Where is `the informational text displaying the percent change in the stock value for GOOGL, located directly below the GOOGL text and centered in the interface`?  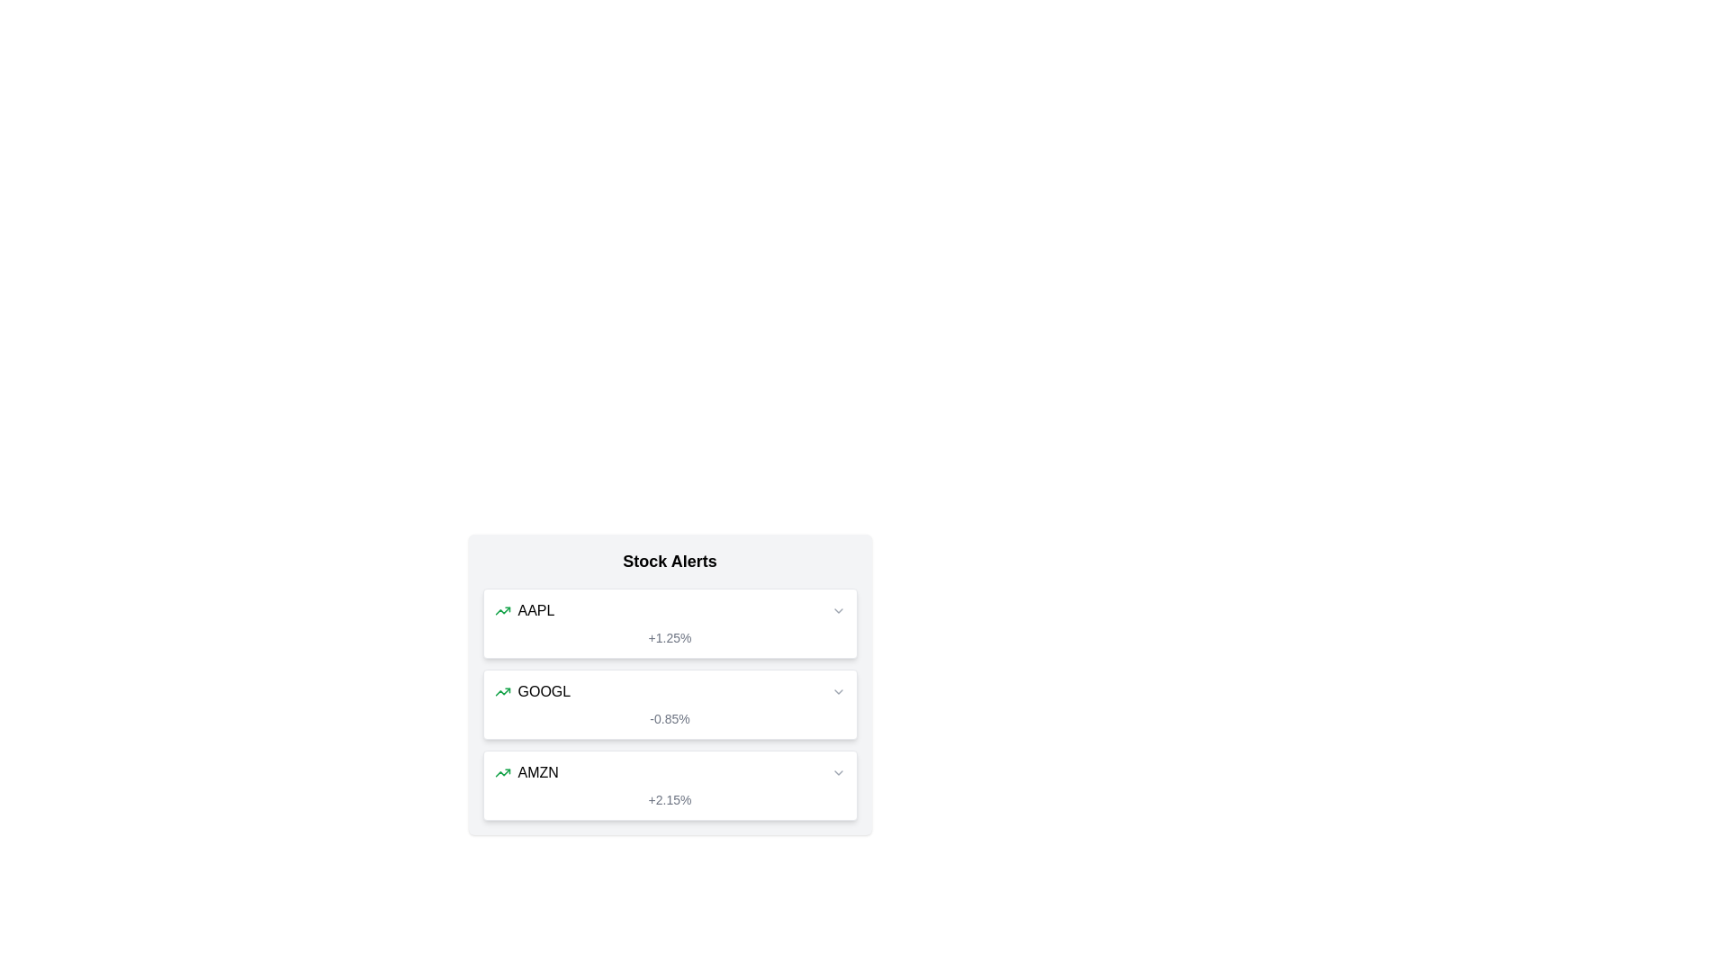 the informational text displaying the percent change in the stock value for GOOGL, located directly below the GOOGL text and centered in the interface is located at coordinates (669, 717).